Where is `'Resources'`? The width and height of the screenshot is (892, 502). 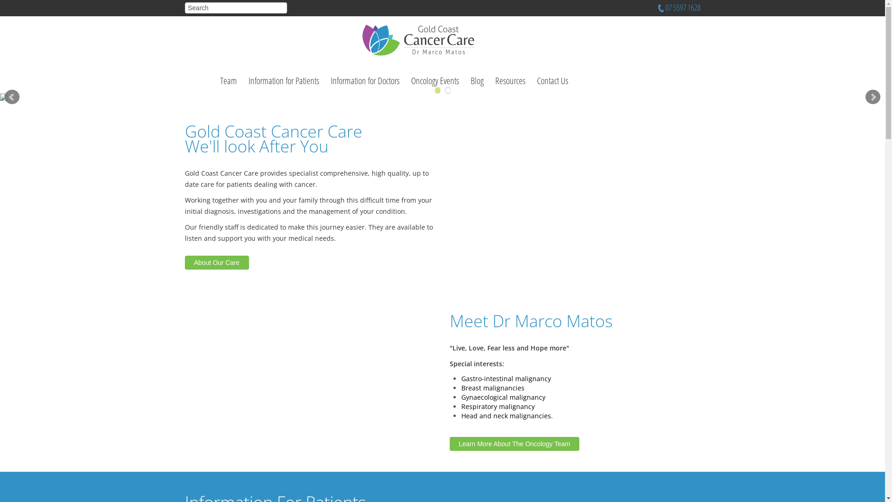 'Resources' is located at coordinates (510, 80).